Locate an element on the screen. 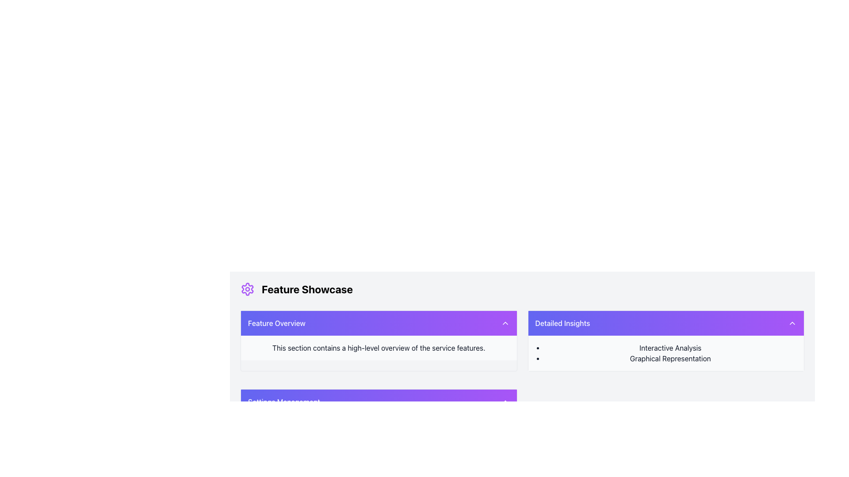  one of the bullet points in the 'Detailed Insights' section, specifically on the bullet-point list containing 'Interactive Analysis' and 'Graphical Representation' is located at coordinates (666, 352).